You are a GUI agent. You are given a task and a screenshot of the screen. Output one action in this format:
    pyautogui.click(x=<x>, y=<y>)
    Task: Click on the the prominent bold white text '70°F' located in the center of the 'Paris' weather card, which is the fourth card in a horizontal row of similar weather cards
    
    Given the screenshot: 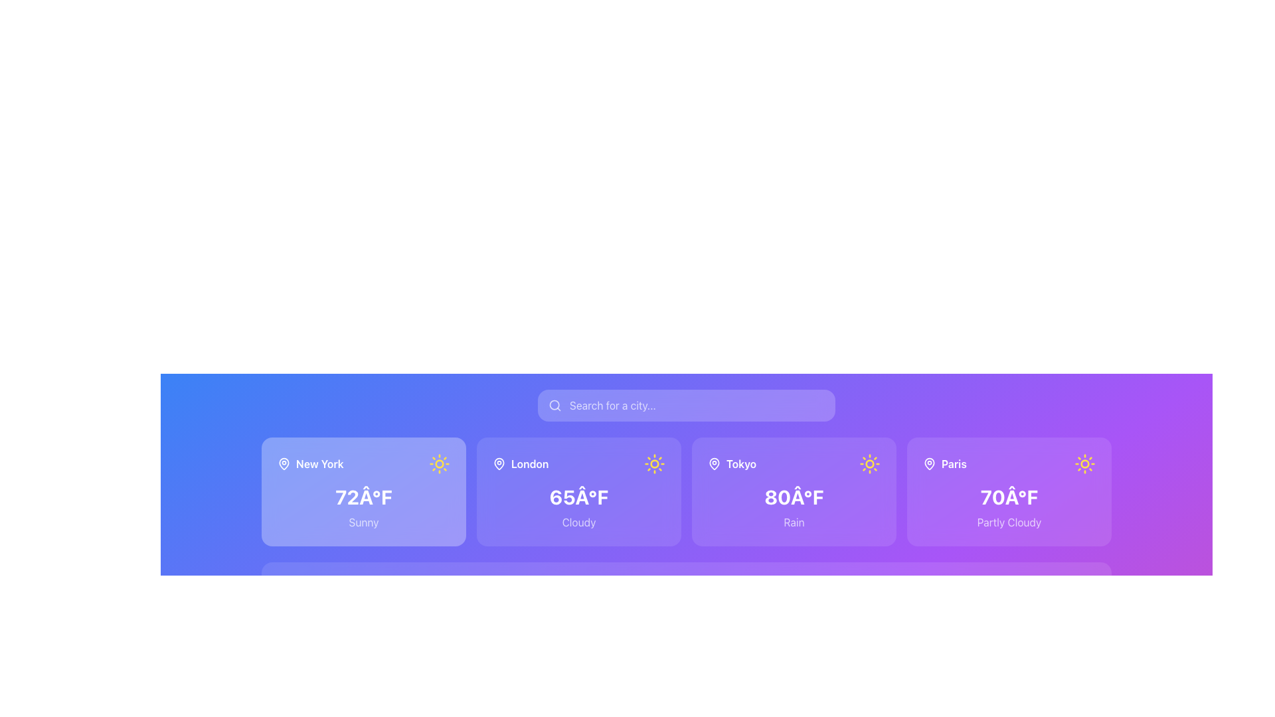 What is the action you would take?
    pyautogui.click(x=1009, y=497)
    